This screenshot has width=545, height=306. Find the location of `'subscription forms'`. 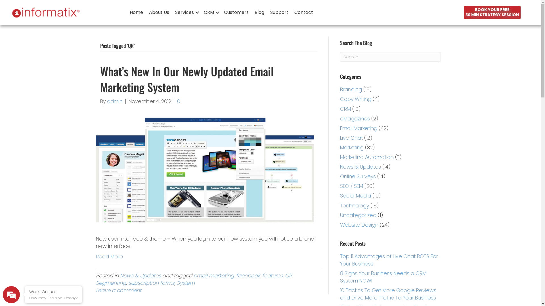

'subscription forms' is located at coordinates (151, 283).